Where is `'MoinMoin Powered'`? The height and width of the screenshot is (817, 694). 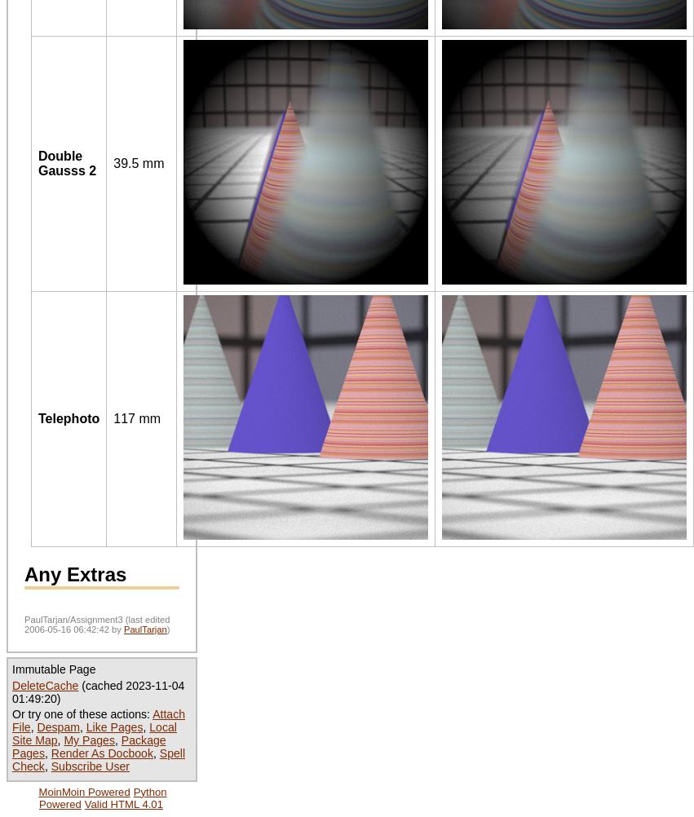
'MoinMoin Powered' is located at coordinates (82, 790).